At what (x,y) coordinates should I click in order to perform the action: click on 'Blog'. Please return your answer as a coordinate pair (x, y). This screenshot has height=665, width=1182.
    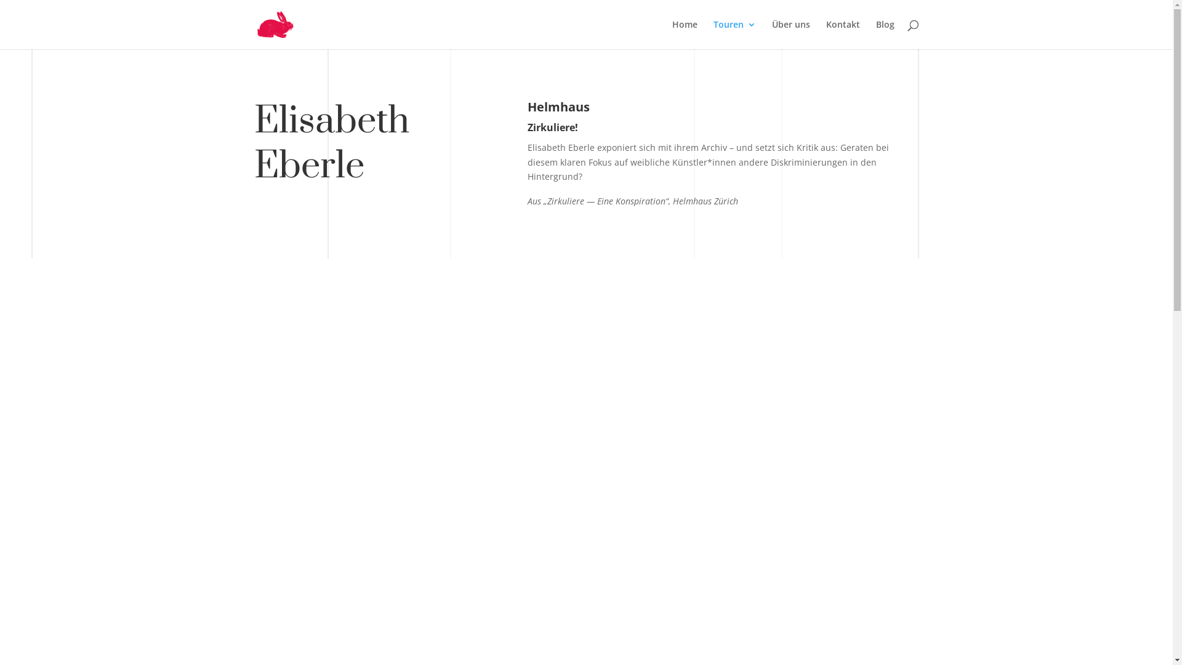
    Looking at the image, I should click on (883, 34).